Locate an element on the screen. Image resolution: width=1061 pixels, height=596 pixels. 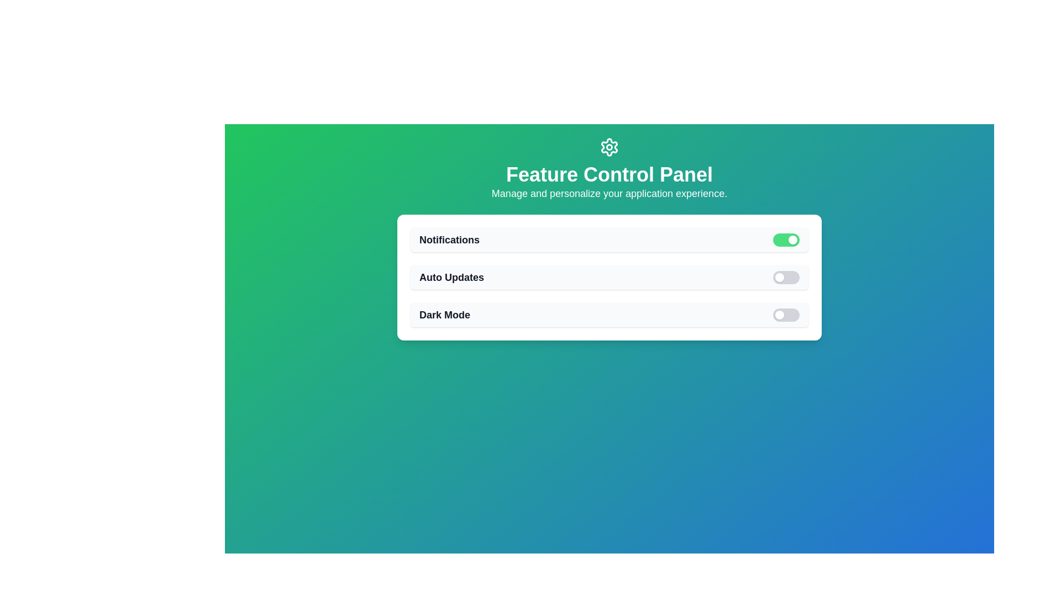
the text label that describes the dark mode feature, which is the third item in a vertical list of features in the control panel interface is located at coordinates (445, 315).